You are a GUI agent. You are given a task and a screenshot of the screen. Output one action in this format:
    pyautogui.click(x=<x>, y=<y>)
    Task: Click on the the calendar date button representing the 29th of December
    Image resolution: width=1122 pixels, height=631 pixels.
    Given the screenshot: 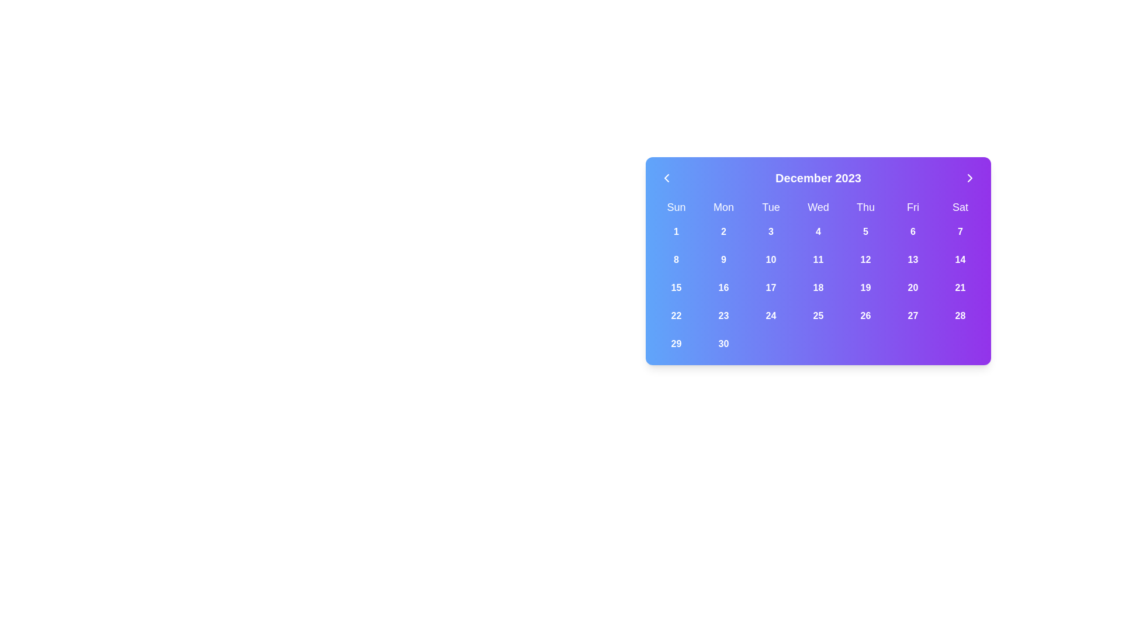 What is the action you would take?
    pyautogui.click(x=676, y=344)
    